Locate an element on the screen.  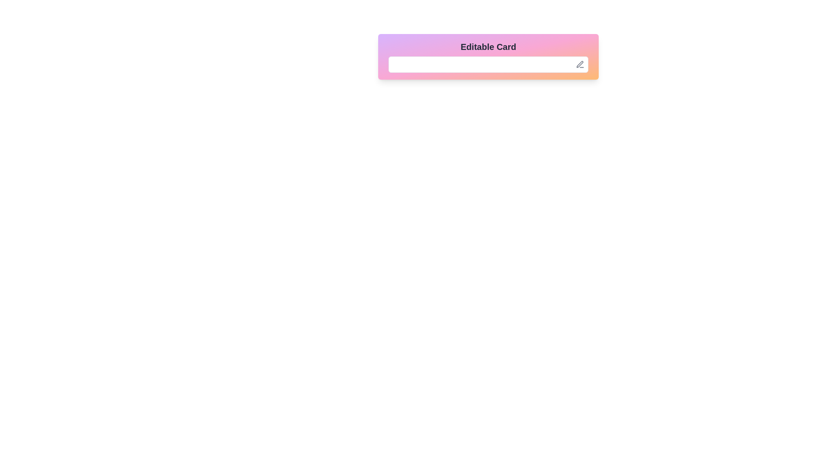
the stylized pen icon button located in the top-right corner of the editable text field is located at coordinates (580, 64).